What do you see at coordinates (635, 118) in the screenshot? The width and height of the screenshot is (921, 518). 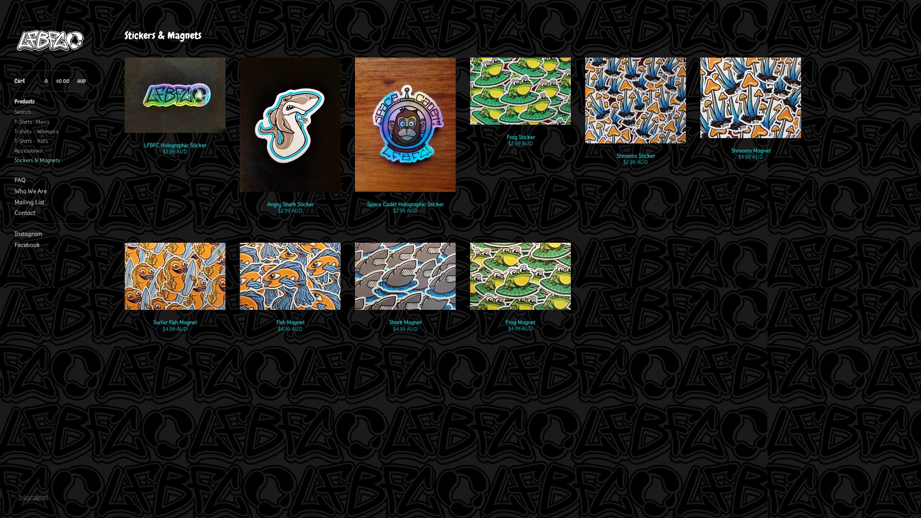 I see `'Shrooms Sticker` at bounding box center [635, 118].